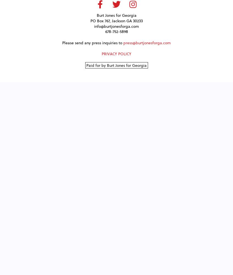  What do you see at coordinates (147, 42) in the screenshot?
I see `'press@burtjonesforga.com'` at bounding box center [147, 42].